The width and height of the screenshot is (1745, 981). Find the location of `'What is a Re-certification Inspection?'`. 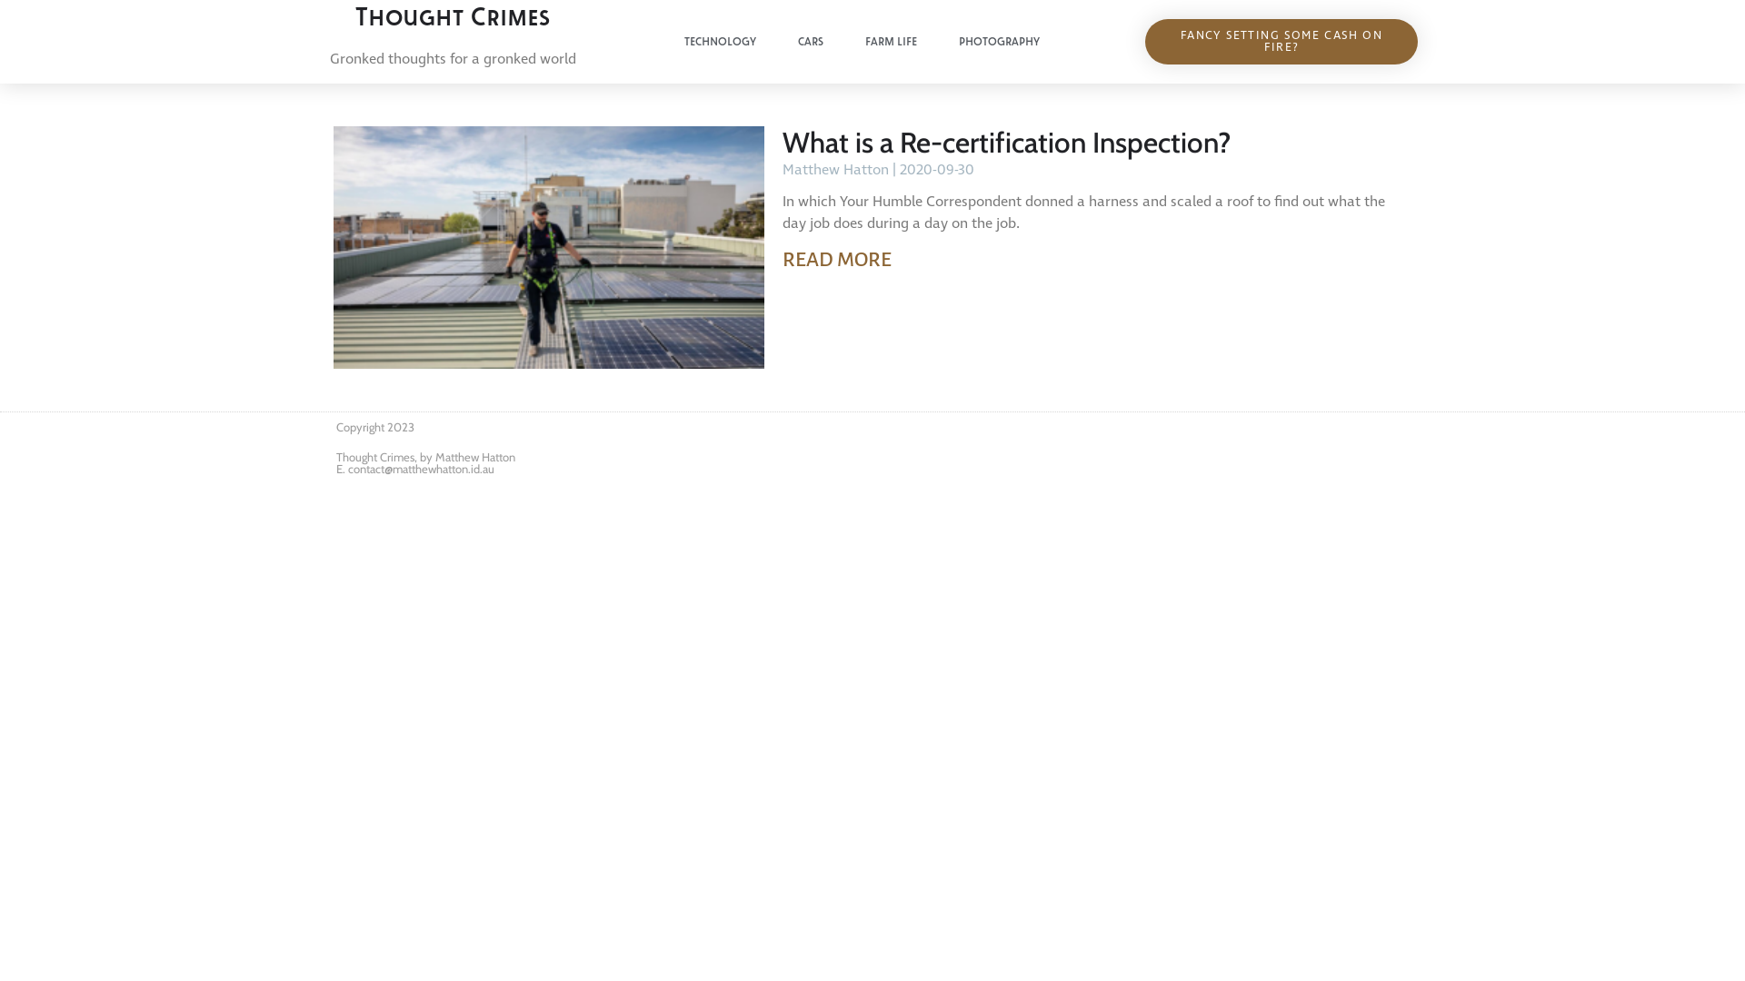

'What is a Re-certification Inspection?' is located at coordinates (1006, 142).